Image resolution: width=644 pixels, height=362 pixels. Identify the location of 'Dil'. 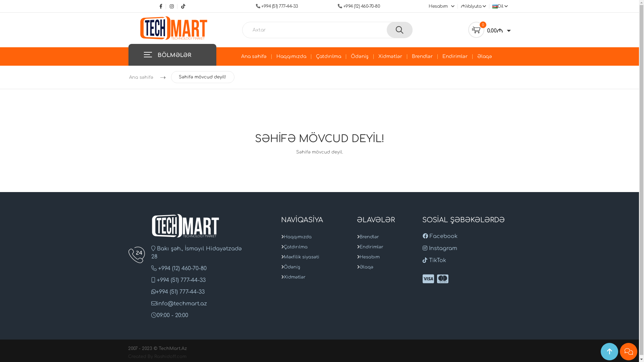
(499, 6).